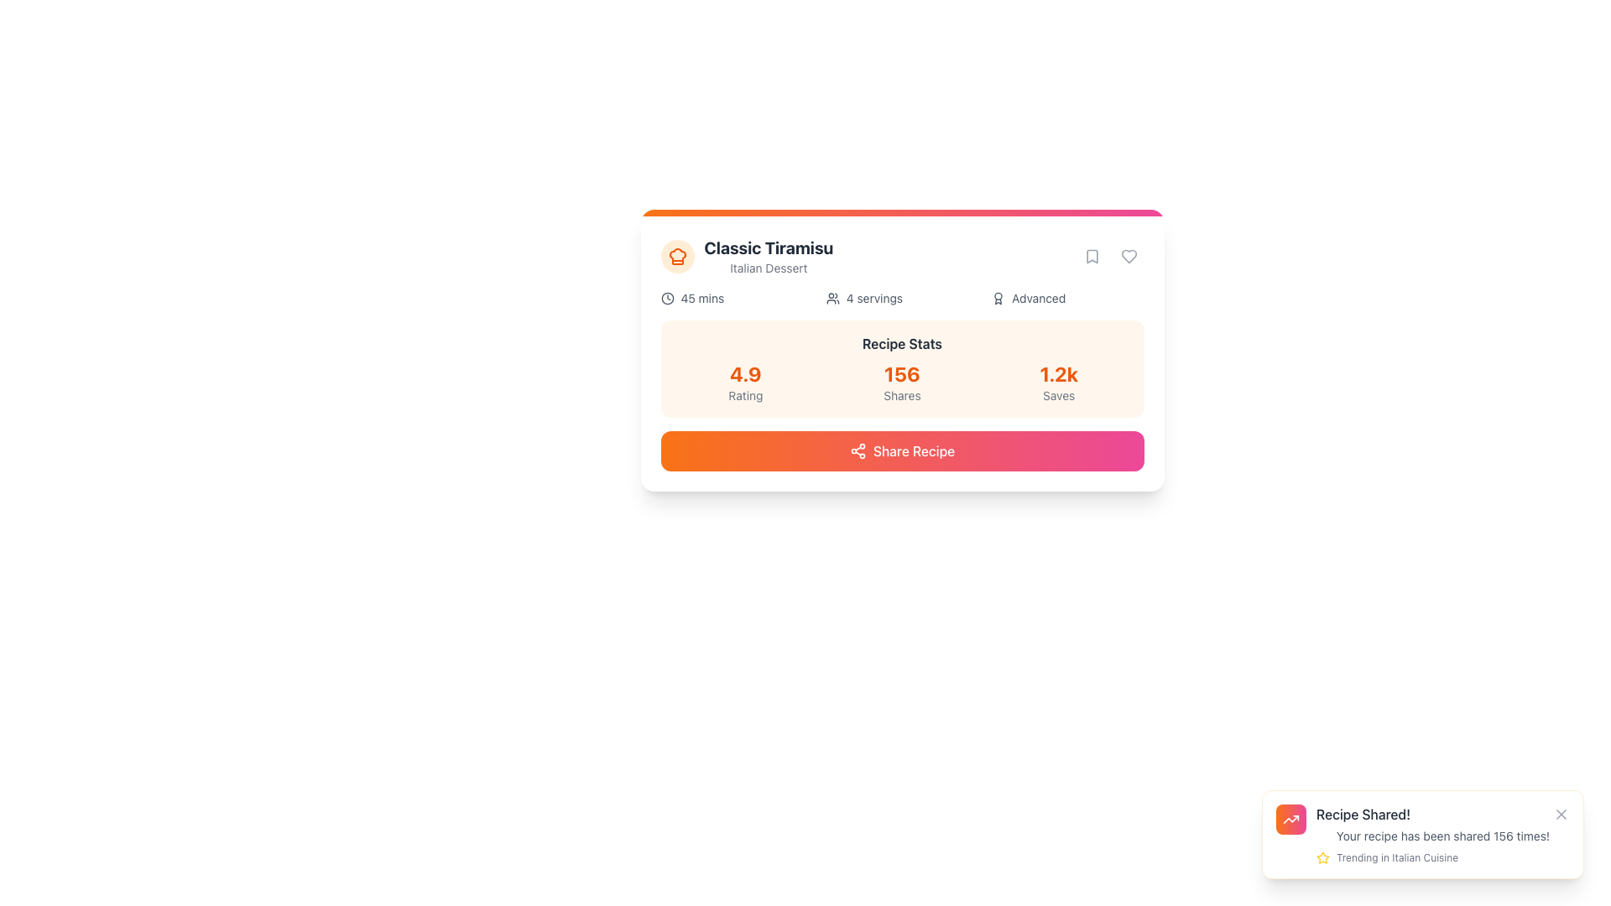 Image resolution: width=1611 pixels, height=906 pixels. Describe the element at coordinates (1442, 836) in the screenshot. I see `the text element that reads 'Your recipe has been shared 156 times!', which is styled in gray and located beneath the heading 'Recipe Shared!' in a notification pop-up` at that location.